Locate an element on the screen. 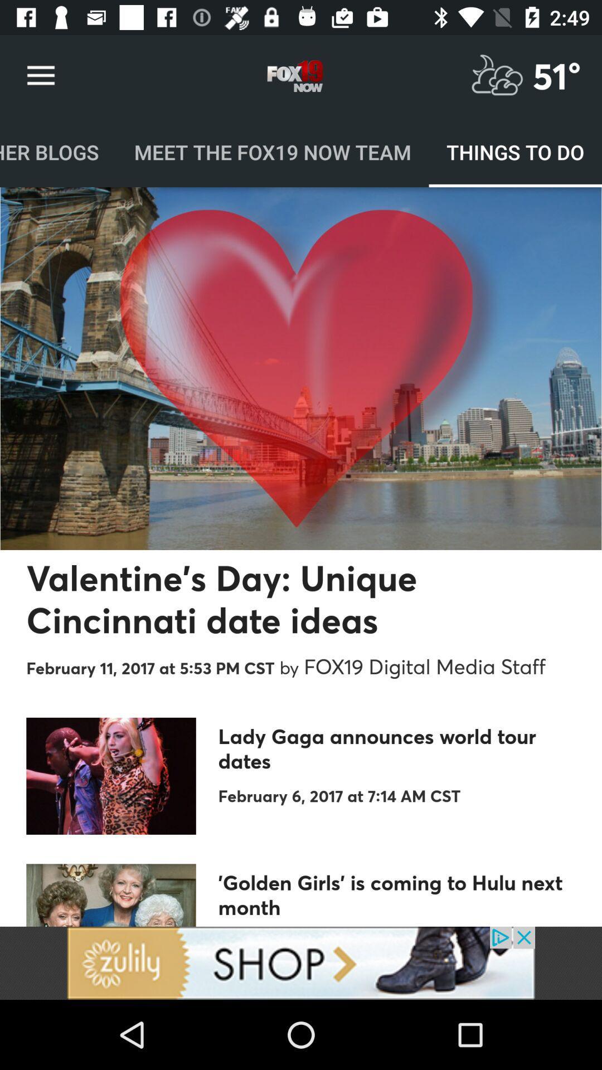 The image size is (602, 1070). advertisement link is located at coordinates (301, 962).